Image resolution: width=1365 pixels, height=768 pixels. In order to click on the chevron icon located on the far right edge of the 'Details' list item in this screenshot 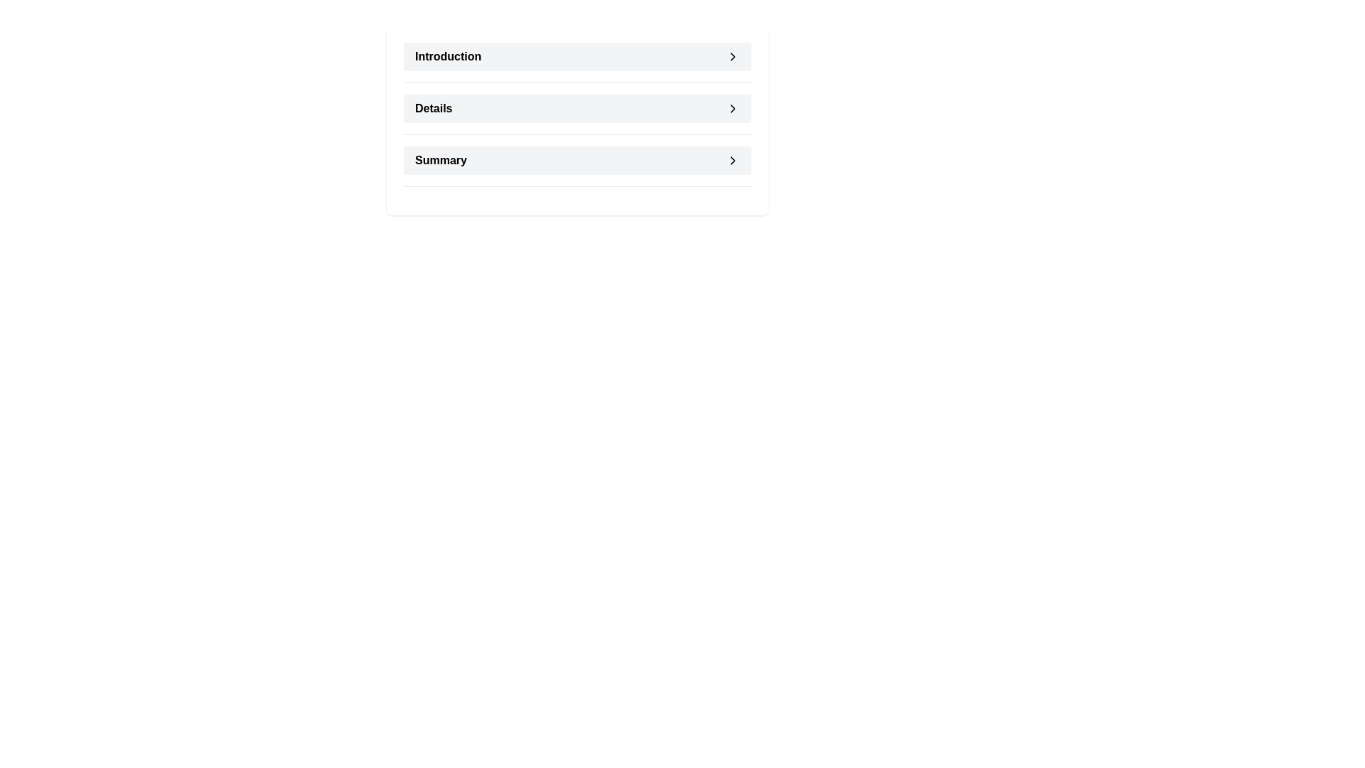, I will do `click(733, 108)`.